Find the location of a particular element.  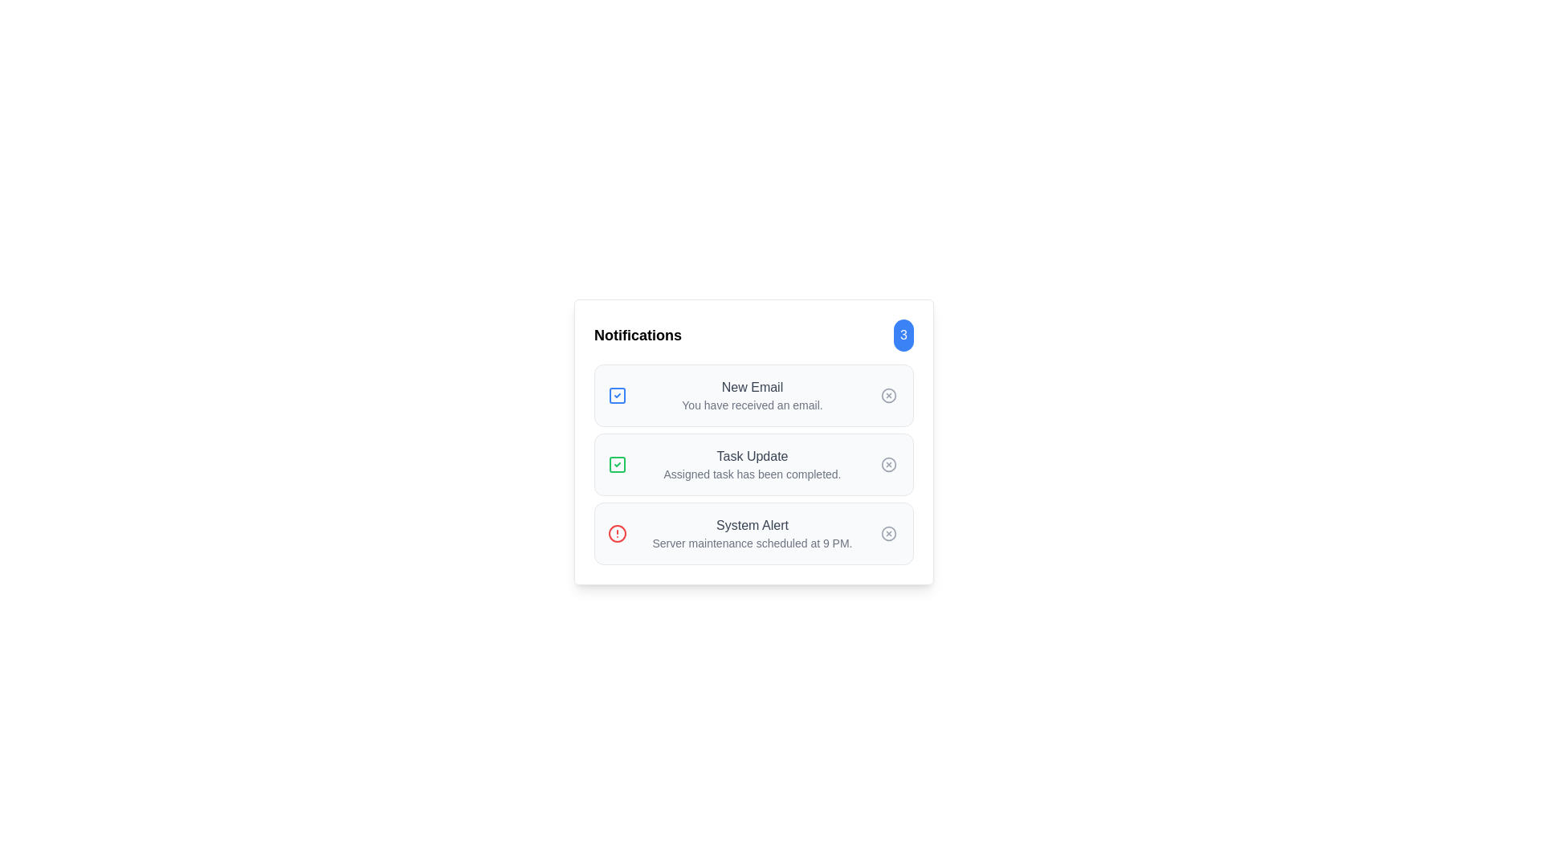

text label 'System Alert' located in the notification card layout, positioned below 'New Email' and 'Task Update' is located at coordinates (751, 526).